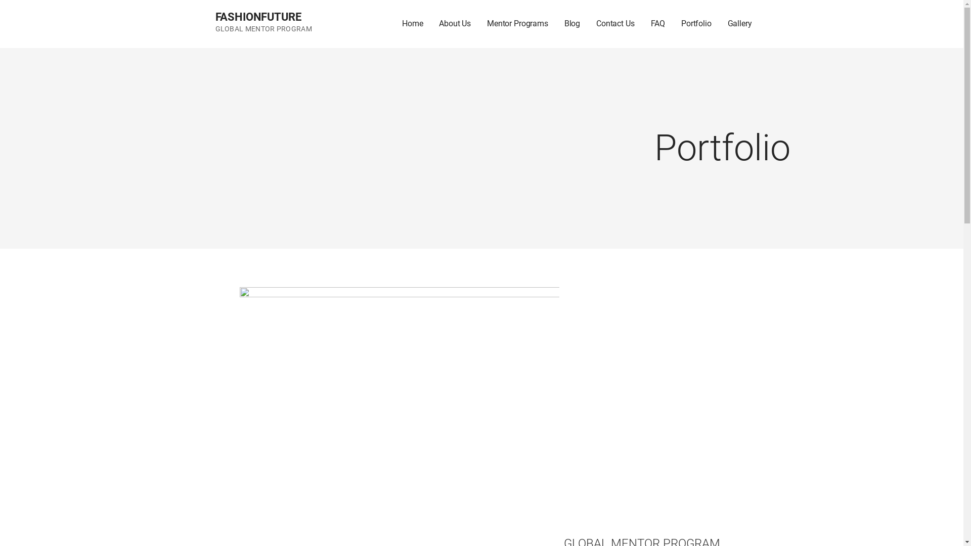 The image size is (971, 546). What do you see at coordinates (454, 23) in the screenshot?
I see `'About Us'` at bounding box center [454, 23].